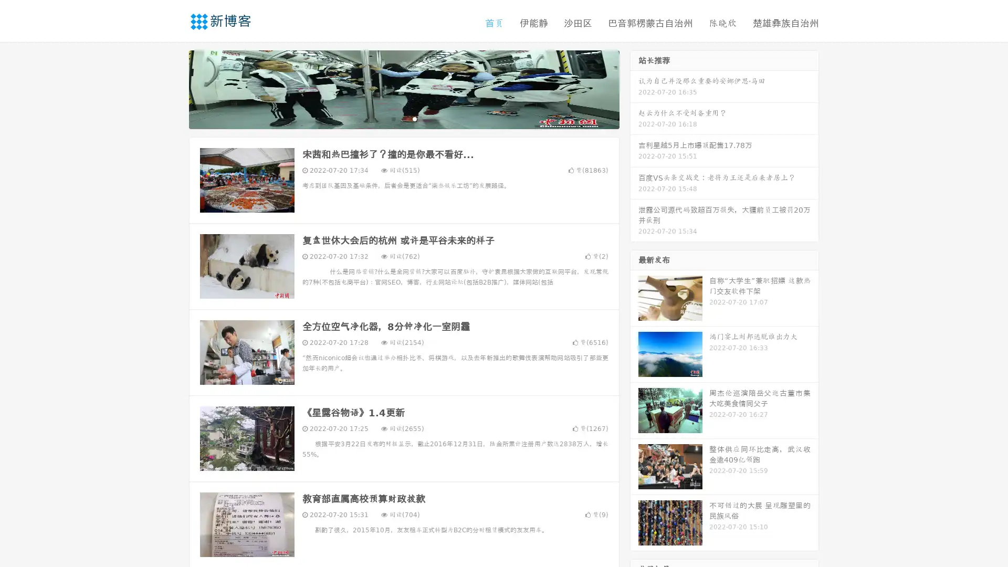 Image resolution: width=1008 pixels, height=567 pixels. I want to click on Next slide, so click(634, 88).